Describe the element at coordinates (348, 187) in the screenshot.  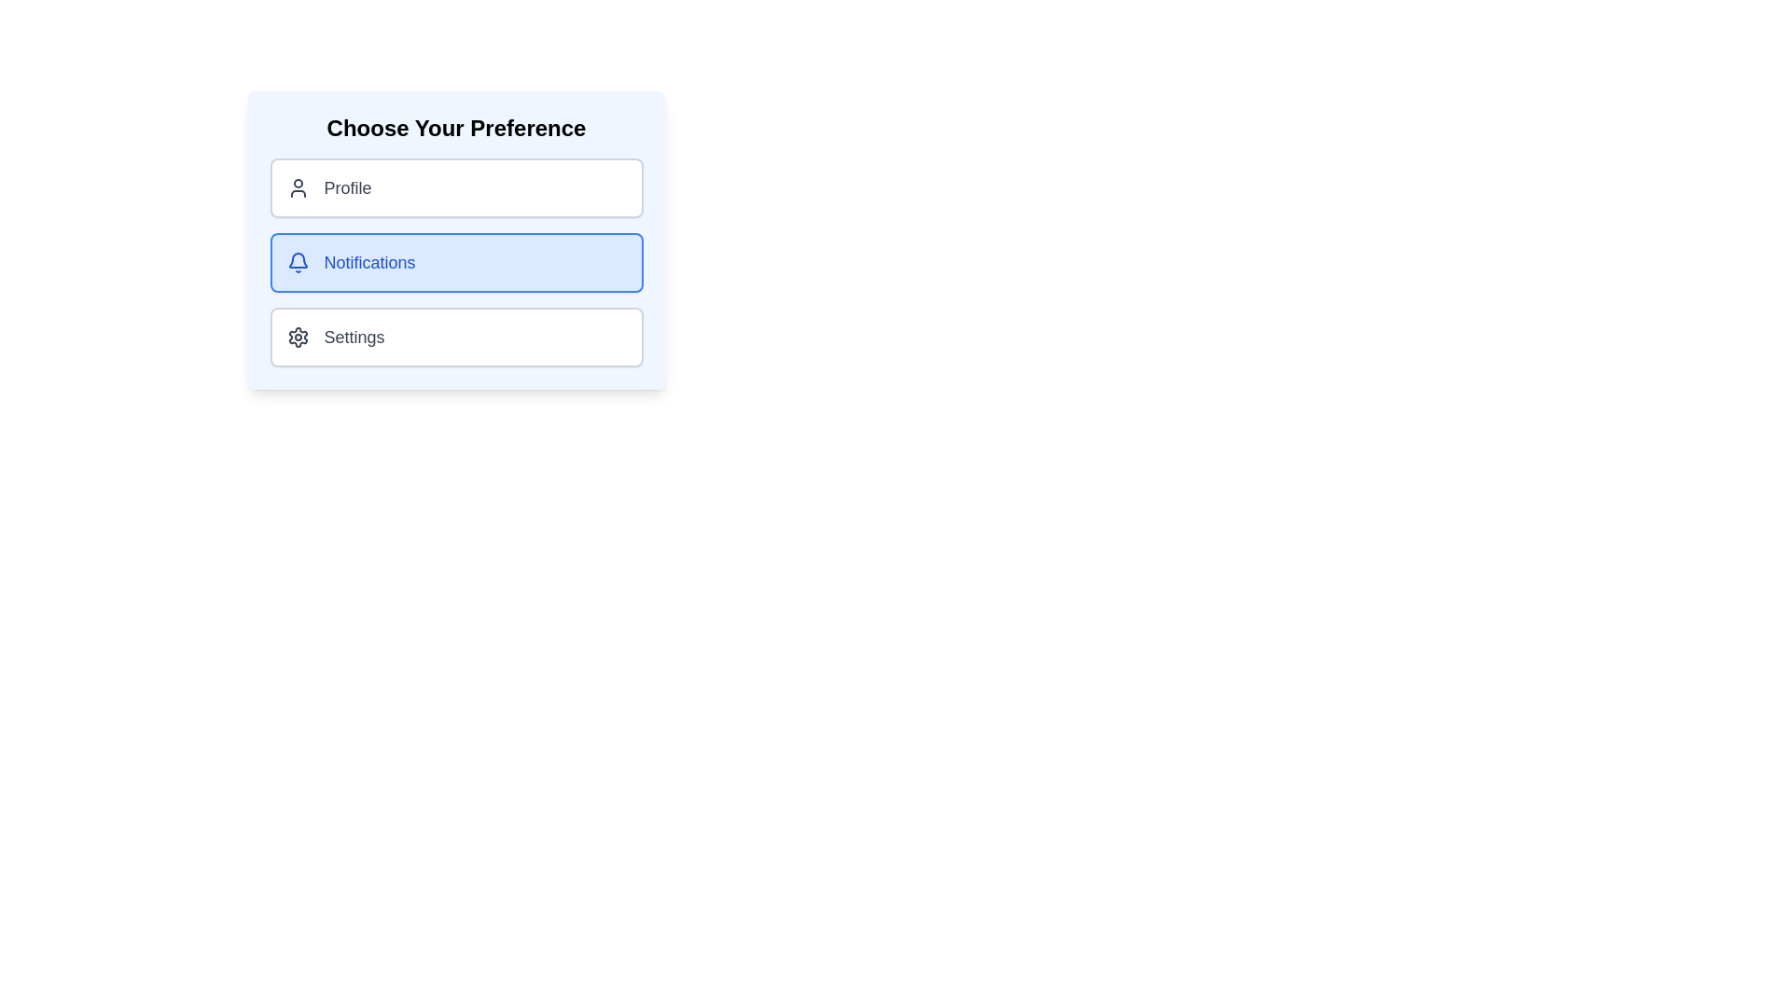
I see `text label element displaying 'Profile', which is styled with a larger font size and medium weight, located under the header 'Choose Your Preference' in the first selectable item of a vertical list` at that location.